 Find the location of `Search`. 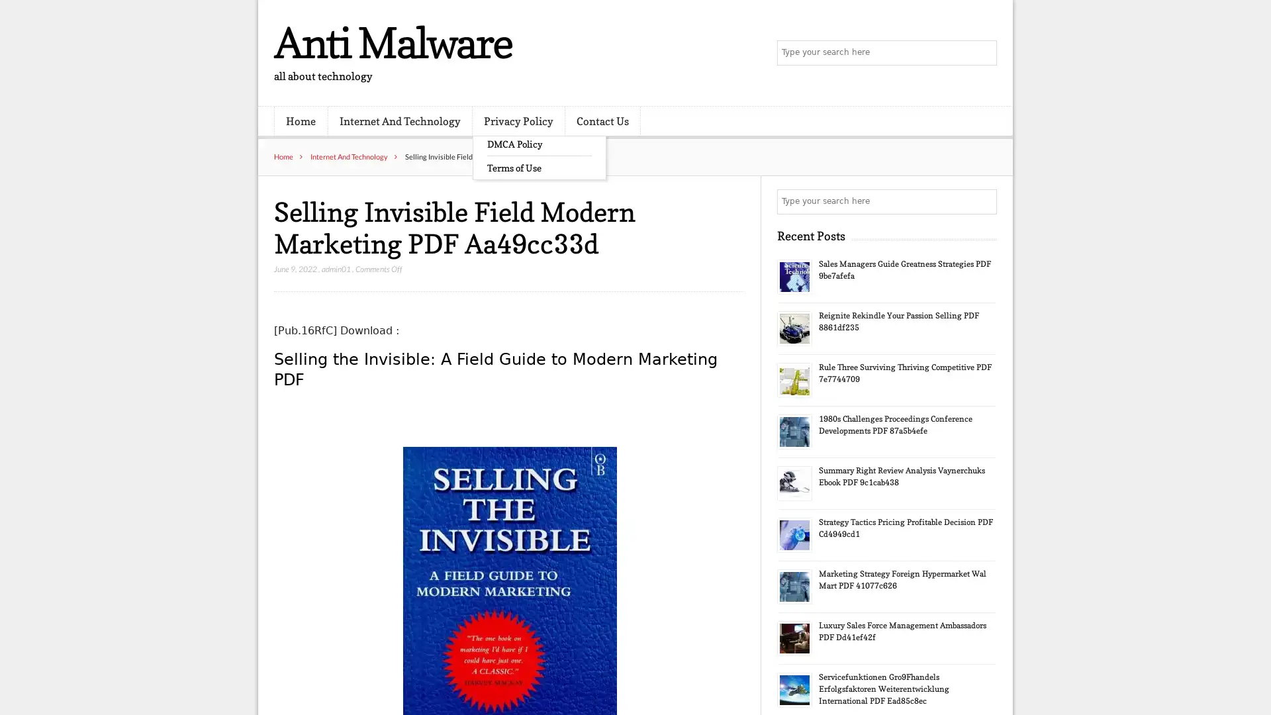

Search is located at coordinates (983, 201).